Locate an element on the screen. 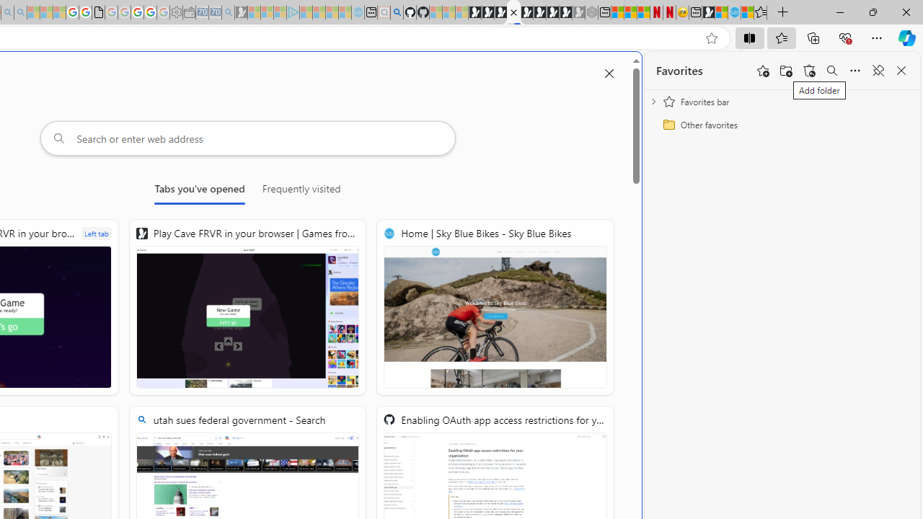 The width and height of the screenshot is (923, 519). 'Search or enter web address' is located at coordinates (247, 138).